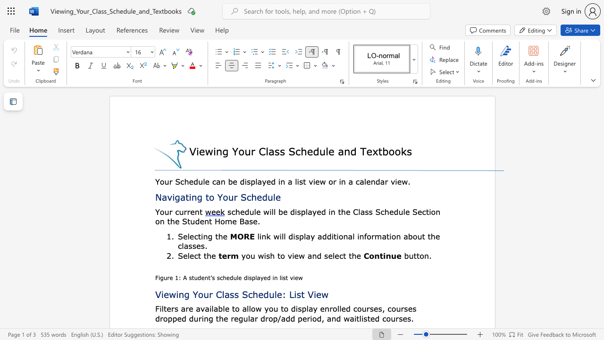 The width and height of the screenshot is (604, 340). Describe the element at coordinates (218, 236) in the screenshot. I see `the subset text "he" within the text "Selecting the"` at that location.